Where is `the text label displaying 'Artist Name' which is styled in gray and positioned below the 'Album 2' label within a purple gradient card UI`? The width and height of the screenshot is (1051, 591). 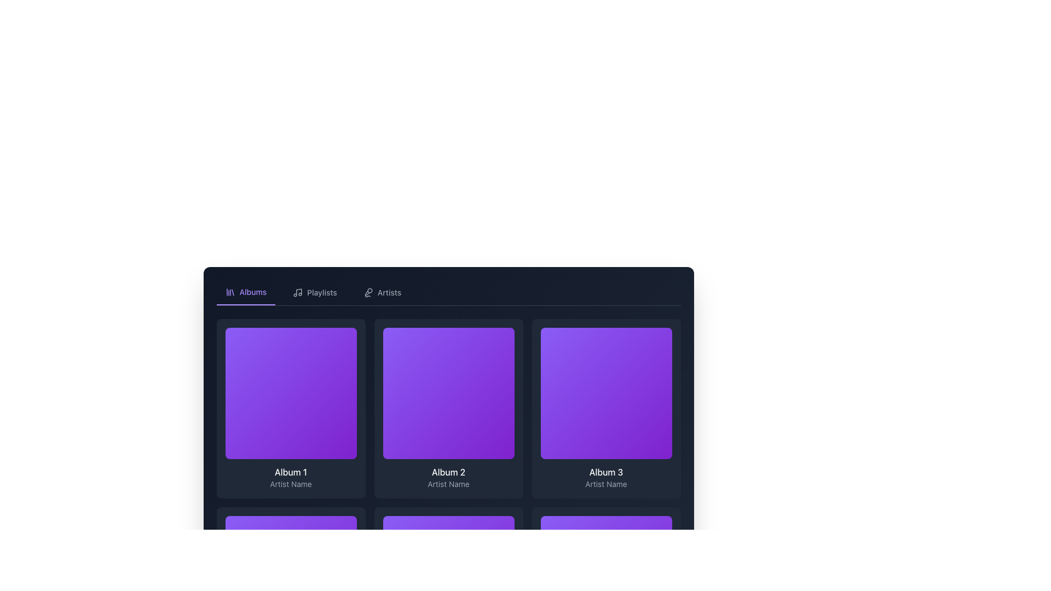 the text label displaying 'Artist Name' which is styled in gray and positioned below the 'Album 2' label within a purple gradient card UI is located at coordinates (448, 483).